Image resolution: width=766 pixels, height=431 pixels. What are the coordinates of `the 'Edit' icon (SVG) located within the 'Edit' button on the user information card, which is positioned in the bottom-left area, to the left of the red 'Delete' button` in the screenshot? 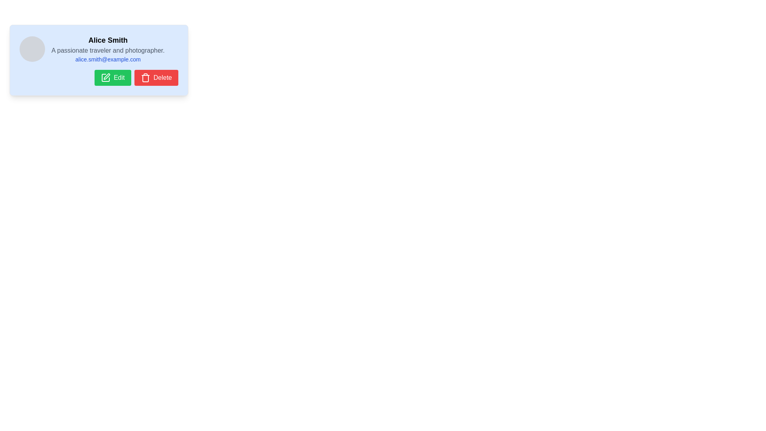 It's located at (105, 78).